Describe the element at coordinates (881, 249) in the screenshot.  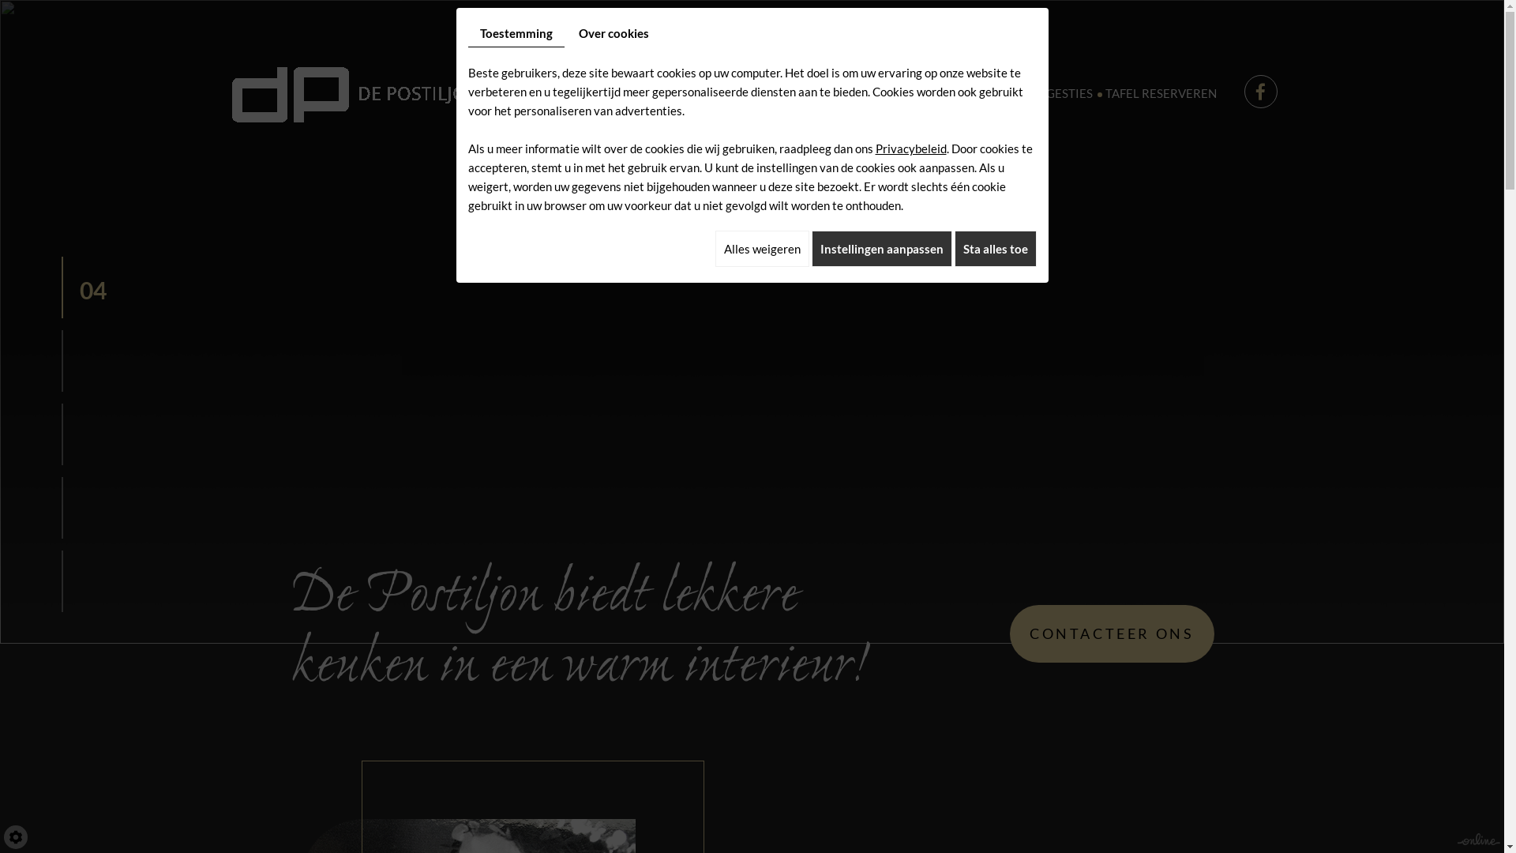
I see `'Instellingen aanpassen'` at that location.